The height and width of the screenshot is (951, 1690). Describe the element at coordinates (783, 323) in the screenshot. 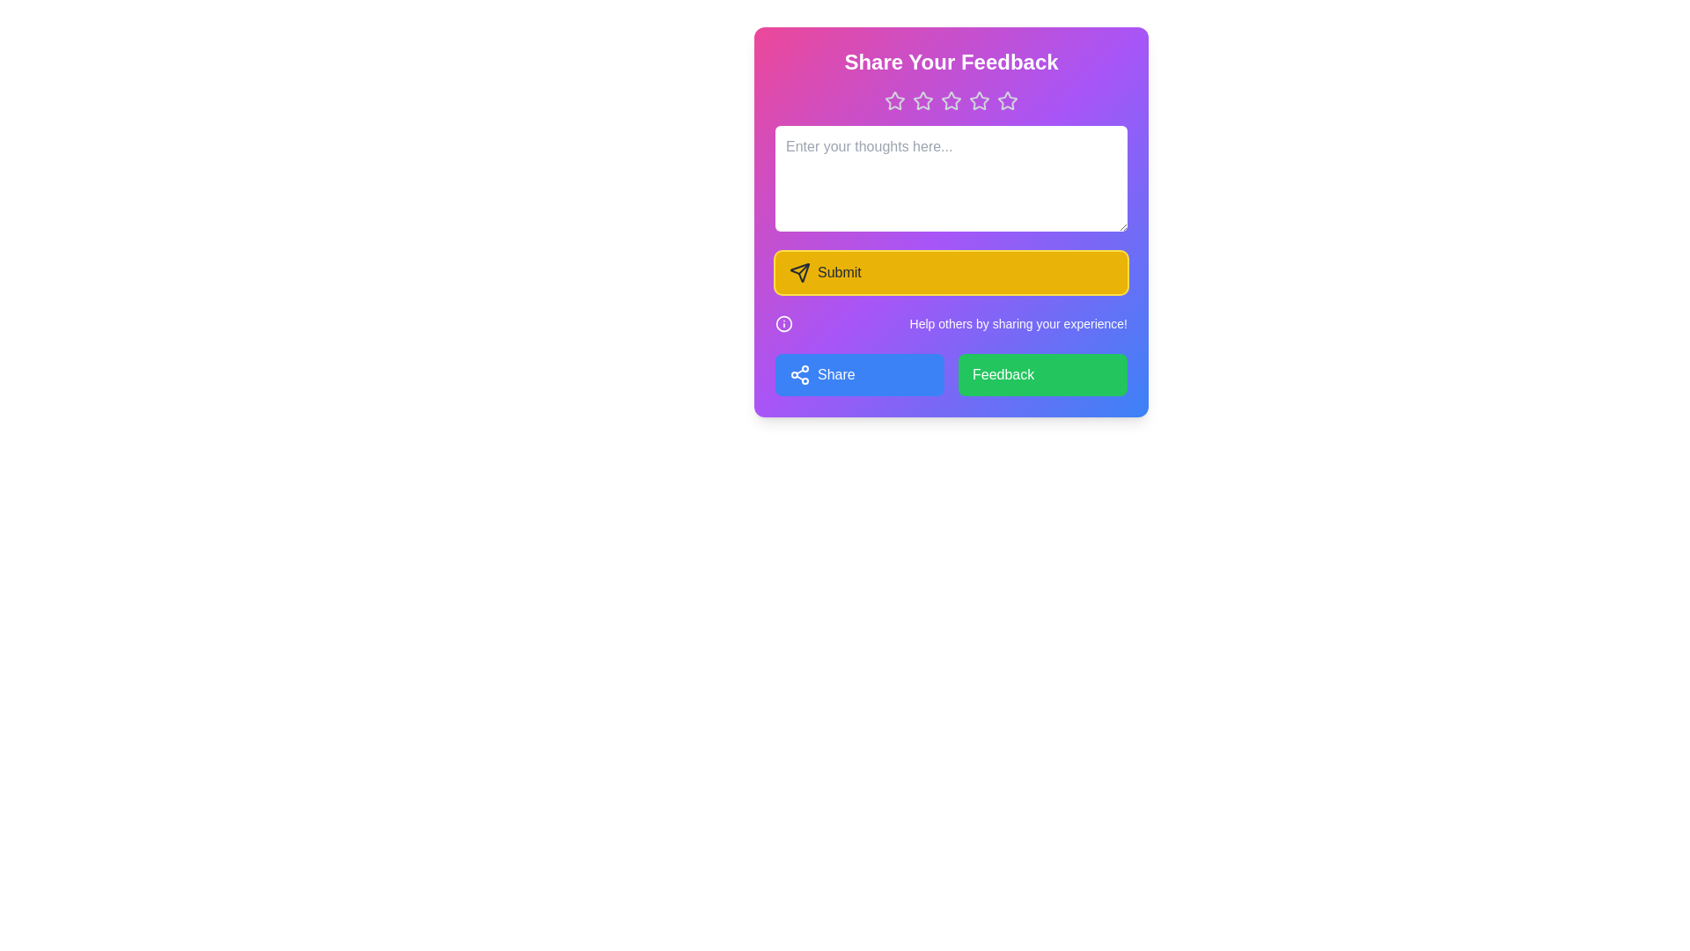

I see `the circular help icon located on the left side of the section above the 'Share' and 'Feedback' buttons` at that location.